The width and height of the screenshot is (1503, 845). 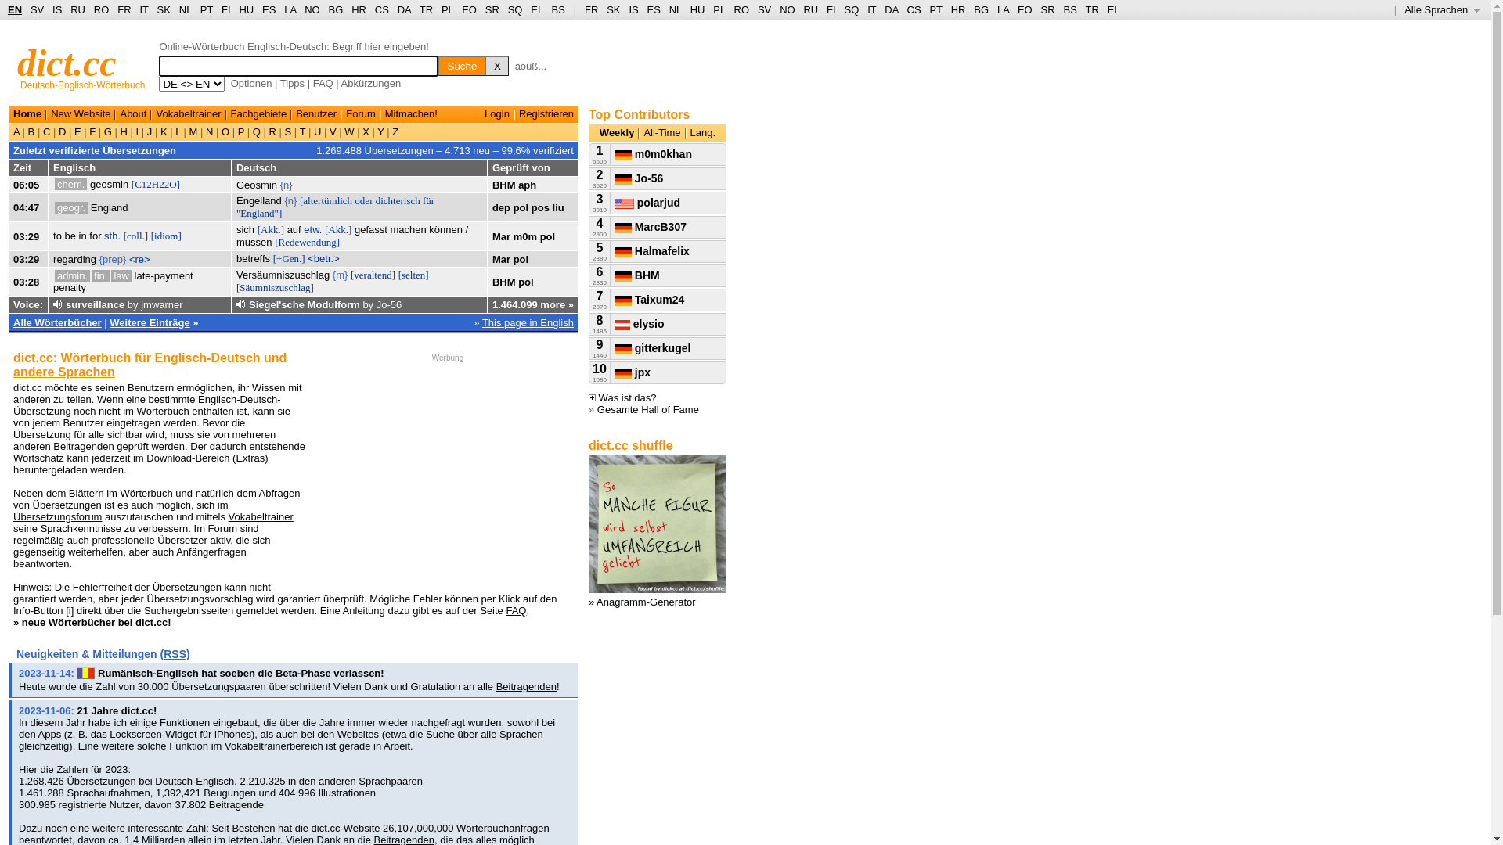 I want to click on 'Q', so click(x=248, y=131).